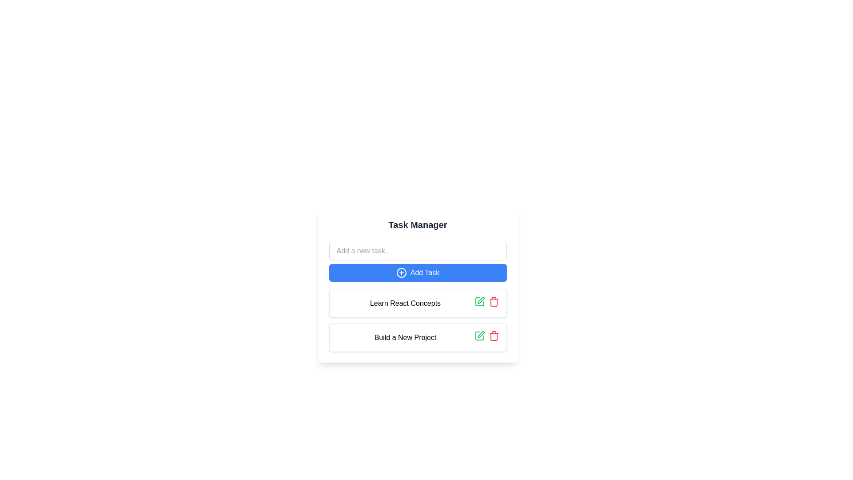  Describe the element at coordinates (417, 285) in the screenshot. I see `the 'Add Task' button located directly below the input field labeled 'Add a new task'` at that location.